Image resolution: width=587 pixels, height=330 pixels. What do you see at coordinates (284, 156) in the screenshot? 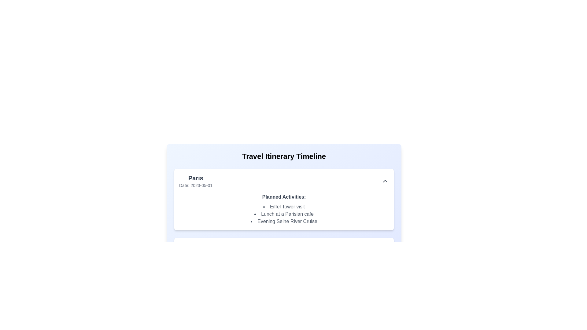
I see `title 'Travel Itinerary Timeline' which is a prominent heading displayed in bold and centered at the top of the content area` at bounding box center [284, 156].